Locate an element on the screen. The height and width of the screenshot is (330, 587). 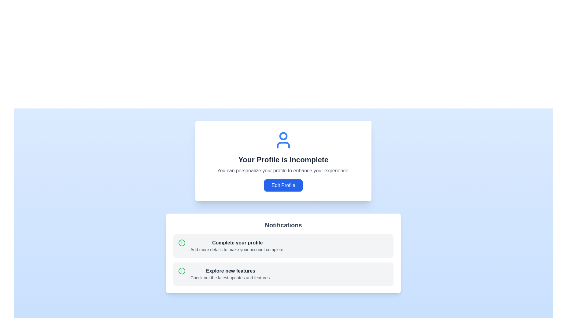
the static text label that serves as a title for the associated notification, positioned above the text 'Check out the latest updates and features' within the 'Notifications' section is located at coordinates (230, 271).